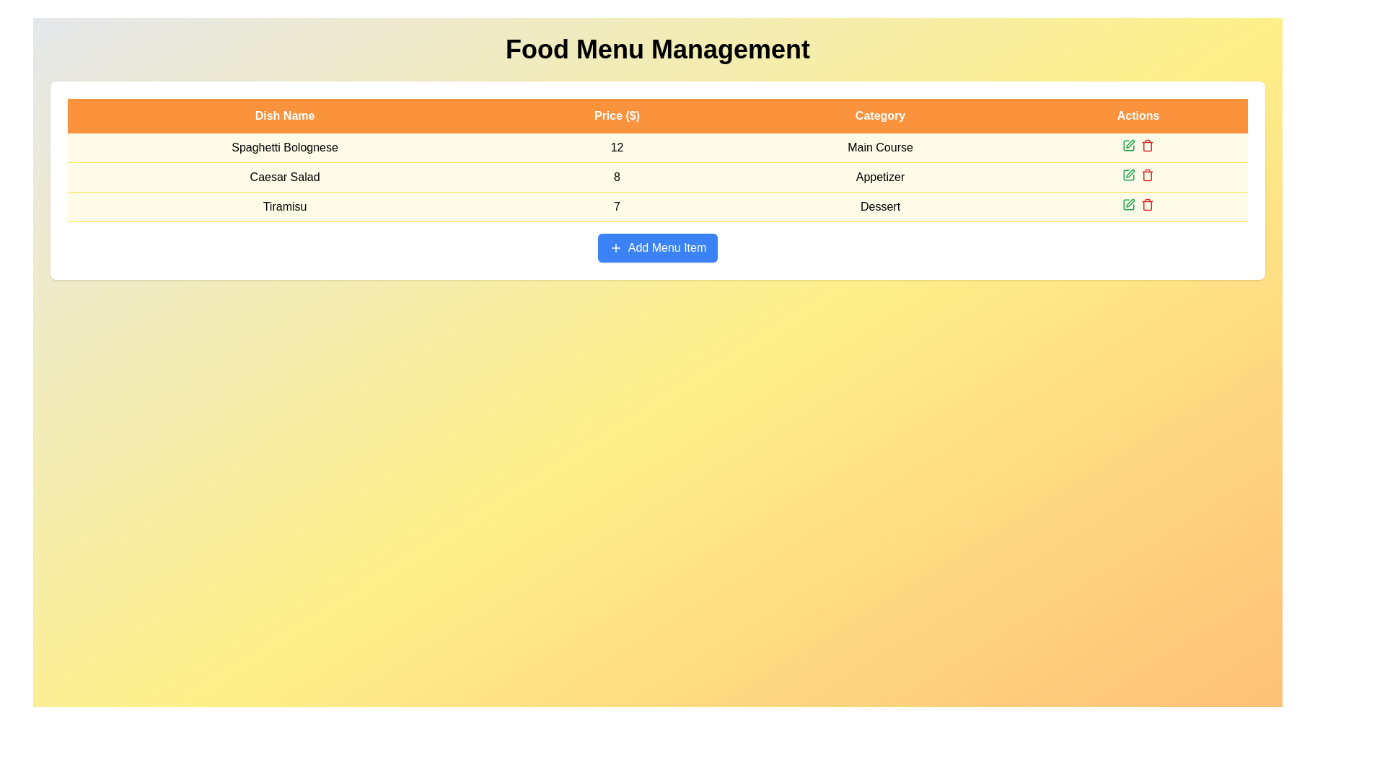  I want to click on the non-interactive text label 'Category' in the table header, which has an orange background and is located between 'Price ($)' and 'Actions', so click(879, 115).